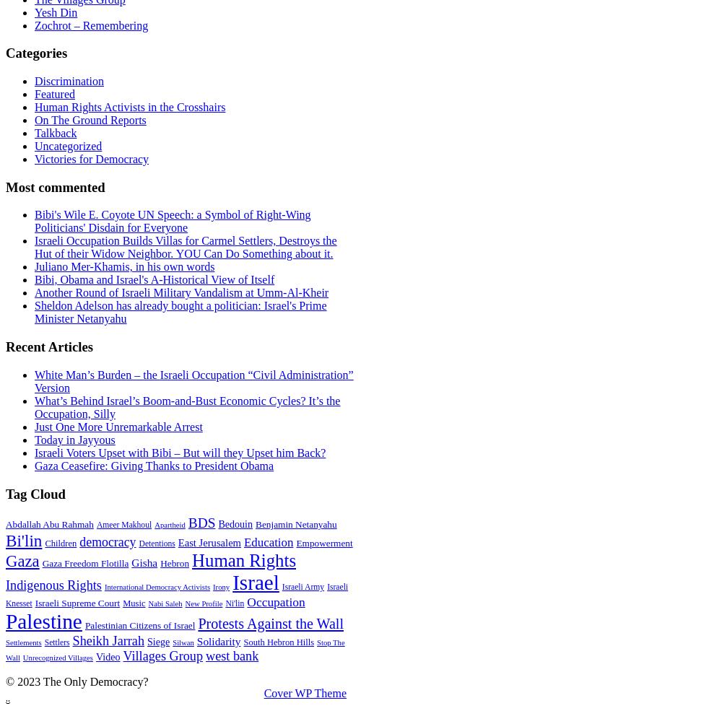 Image resolution: width=709 pixels, height=711 pixels. Describe the element at coordinates (74, 438) in the screenshot. I see `'Today in Jayyous'` at that location.